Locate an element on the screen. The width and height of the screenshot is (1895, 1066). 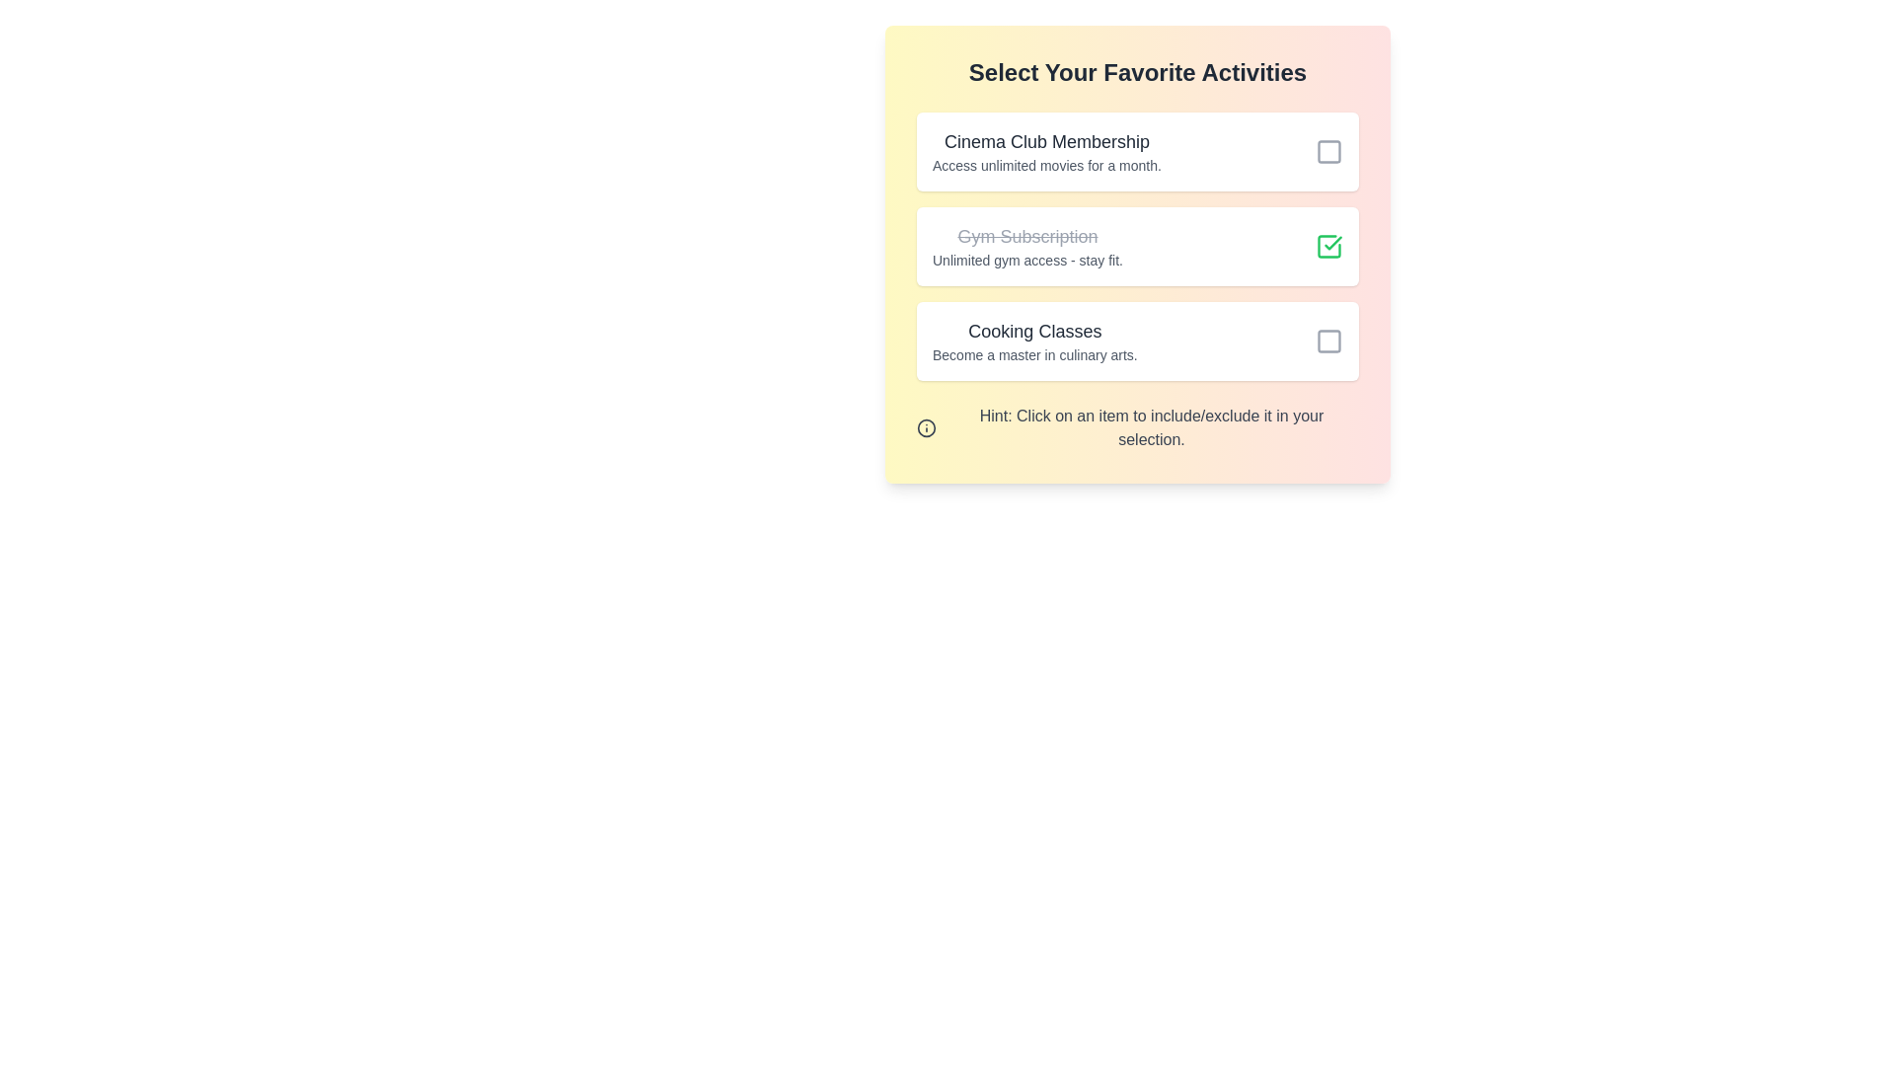
the second checkbox in the group of selectable items located in the 'Select Your Favorite Activities' section is located at coordinates (1137, 246).